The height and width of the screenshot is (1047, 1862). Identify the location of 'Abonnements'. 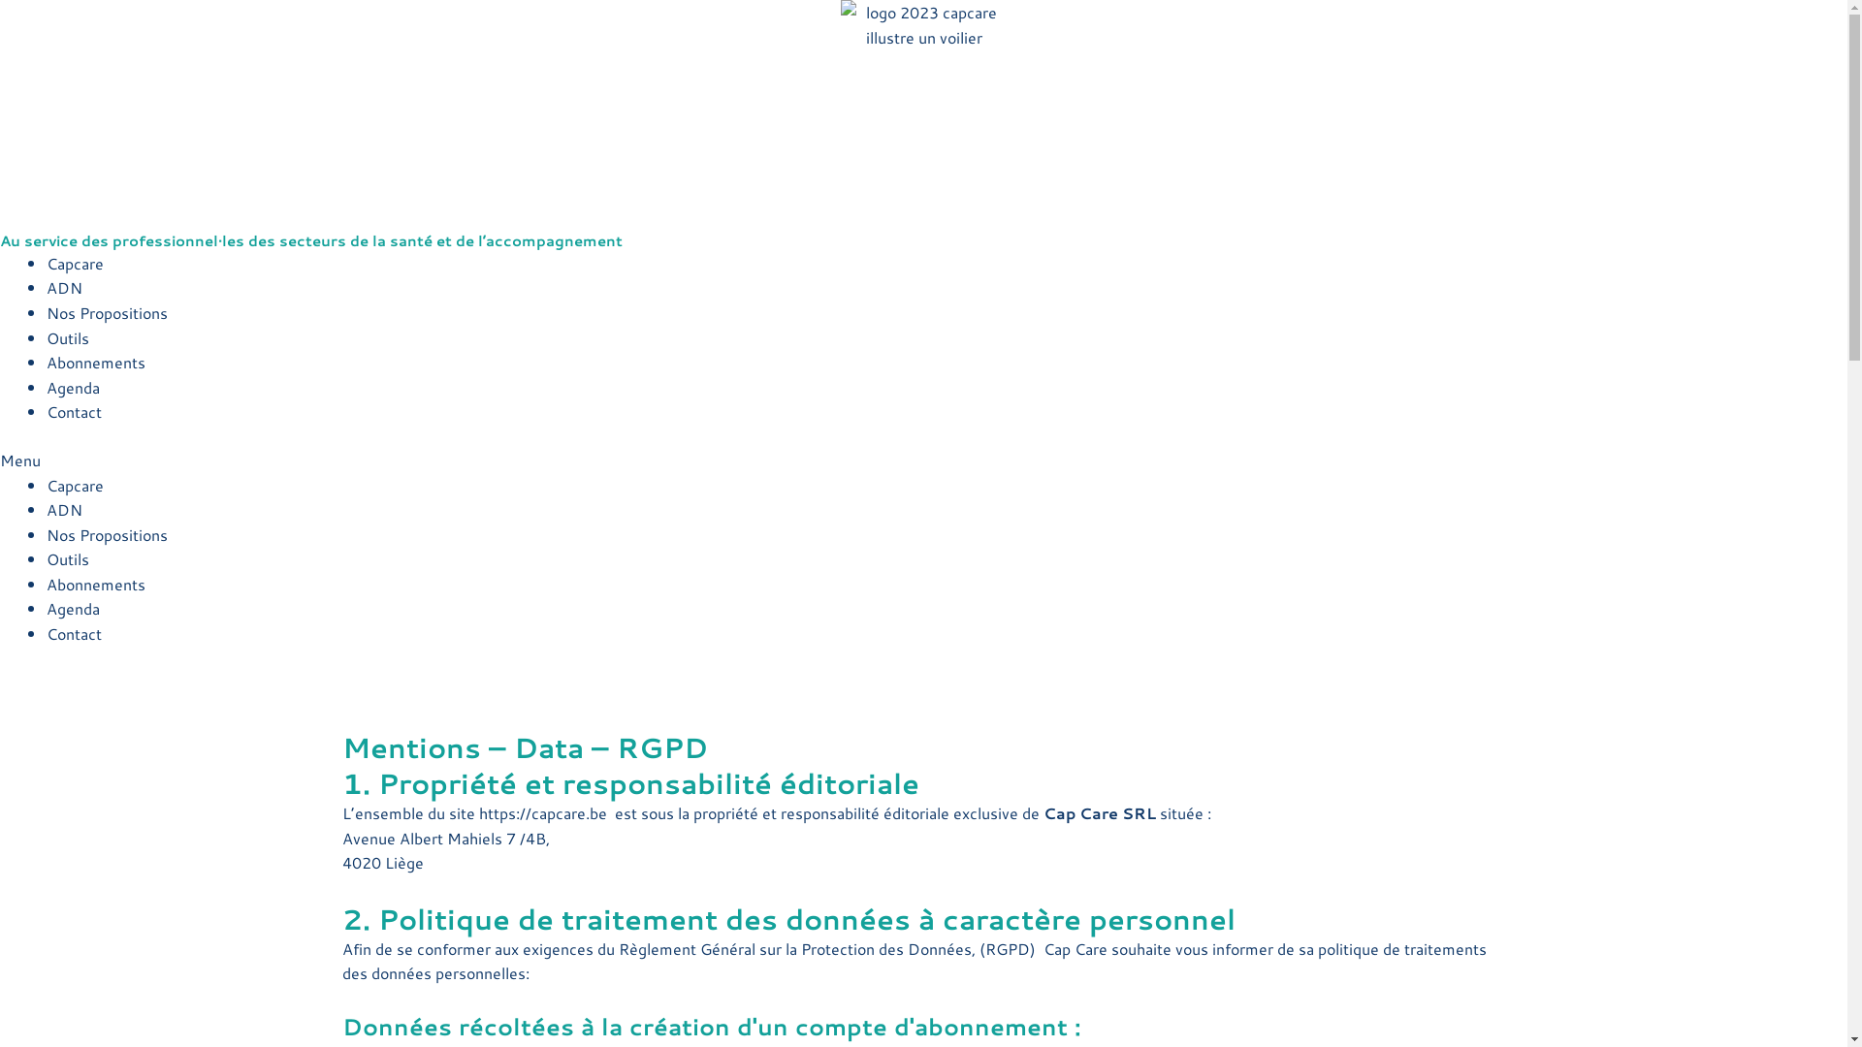
(95, 362).